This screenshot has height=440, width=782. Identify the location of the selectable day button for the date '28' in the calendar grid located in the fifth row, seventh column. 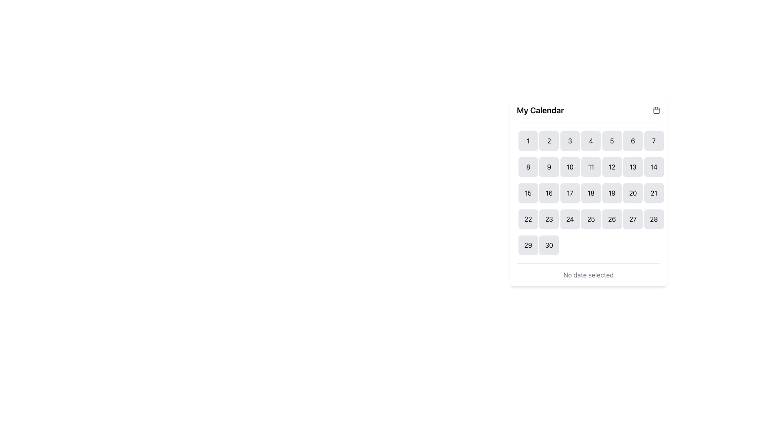
(654, 218).